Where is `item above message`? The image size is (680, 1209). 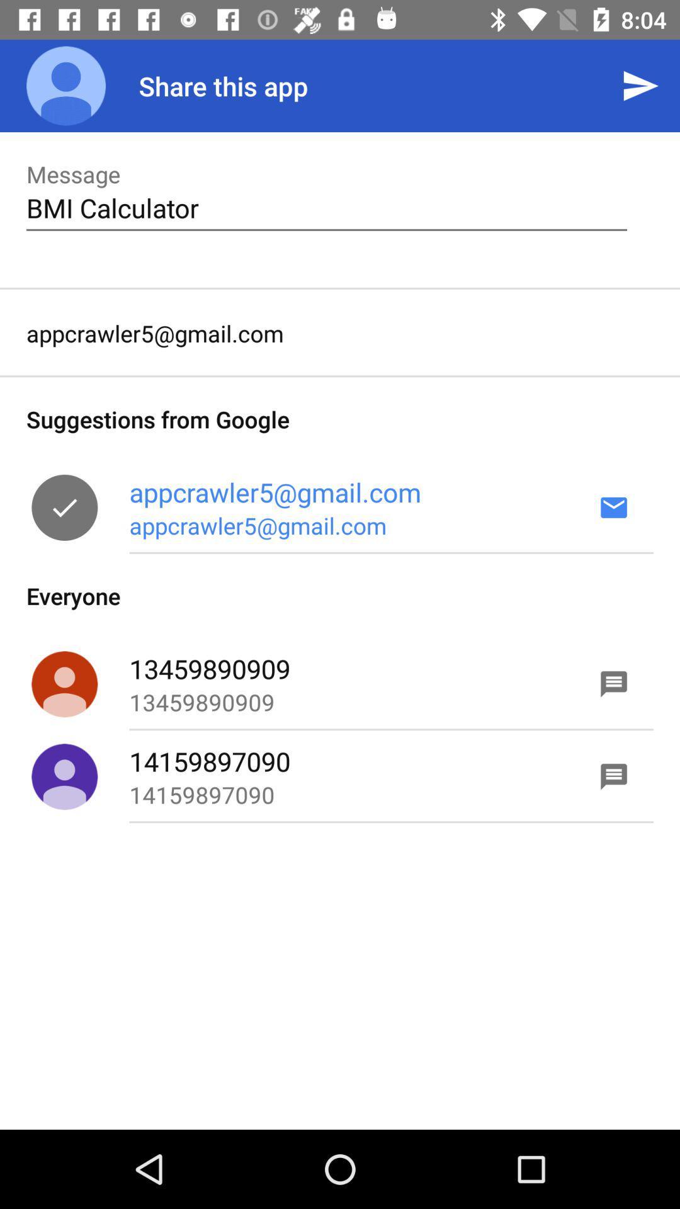 item above message is located at coordinates (65, 85).